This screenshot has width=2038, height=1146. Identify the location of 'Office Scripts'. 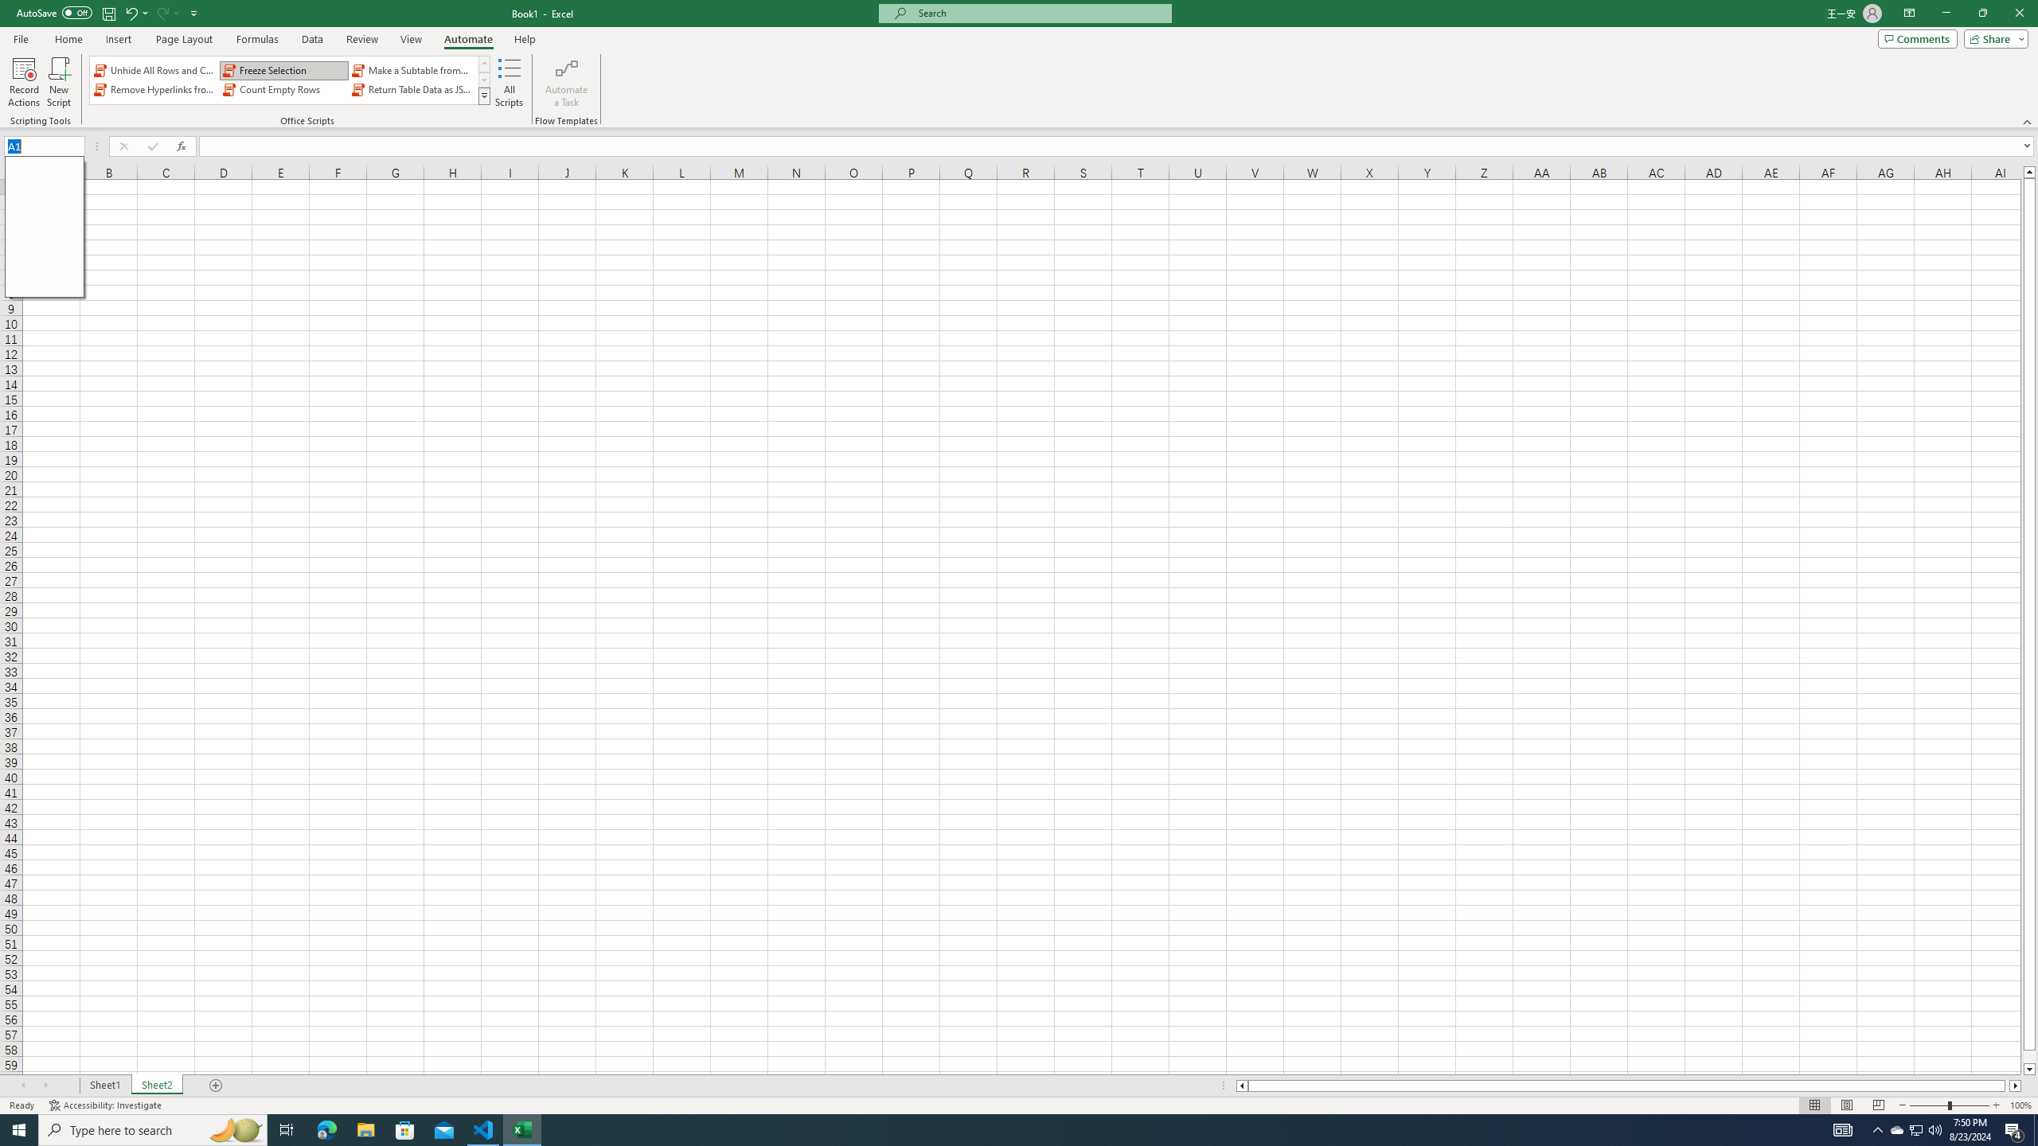
(484, 95).